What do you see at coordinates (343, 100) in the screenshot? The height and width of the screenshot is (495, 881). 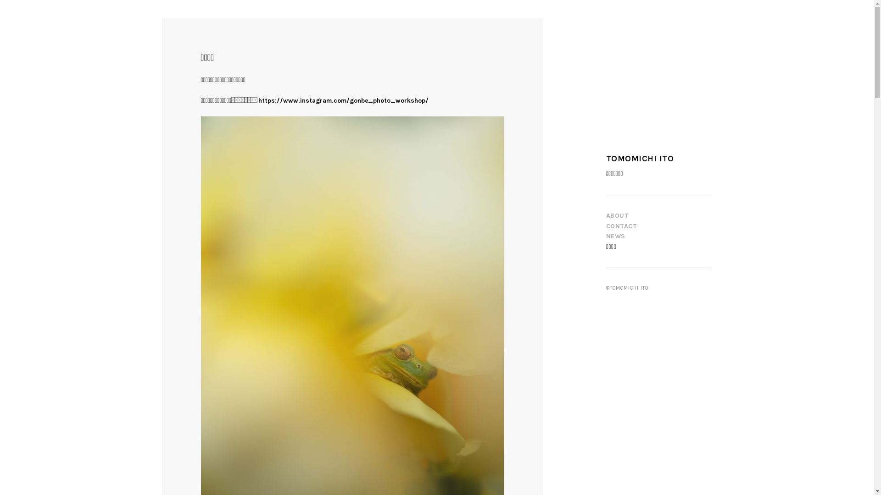 I see `'https://www.instagram.com/gonbe_photo_workshop/'` at bounding box center [343, 100].